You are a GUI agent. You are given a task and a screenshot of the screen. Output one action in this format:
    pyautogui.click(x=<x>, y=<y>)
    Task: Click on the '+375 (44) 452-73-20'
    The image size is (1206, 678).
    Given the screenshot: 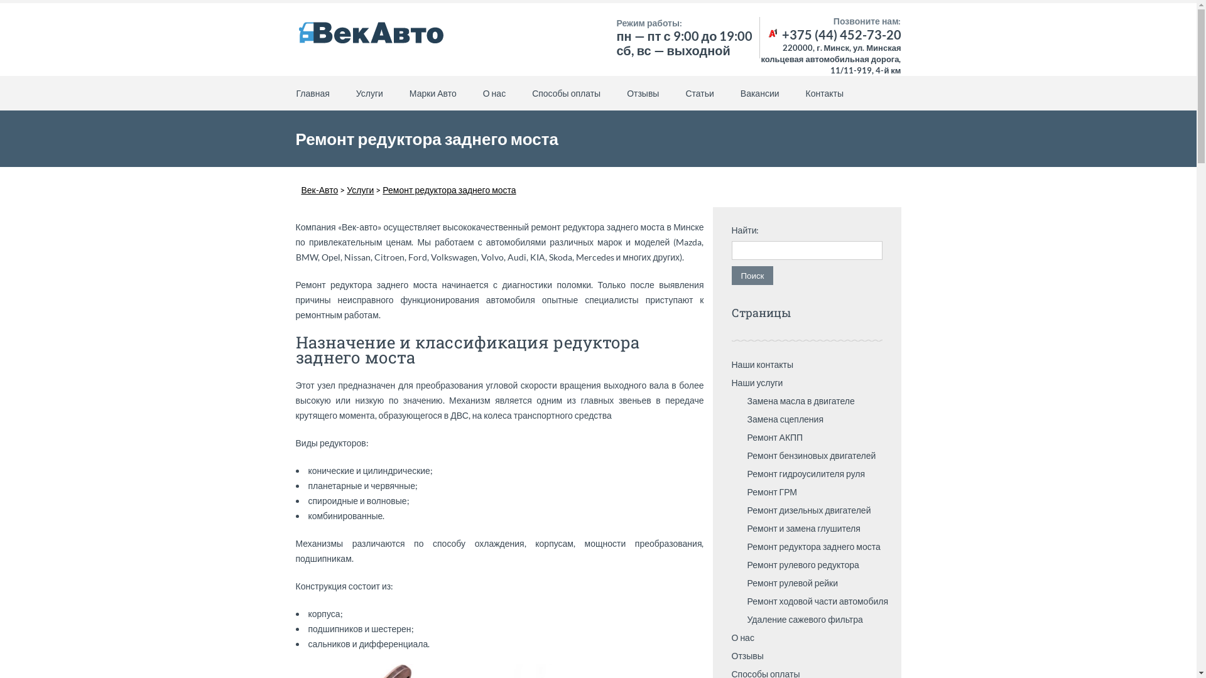 What is the action you would take?
    pyautogui.click(x=765, y=33)
    